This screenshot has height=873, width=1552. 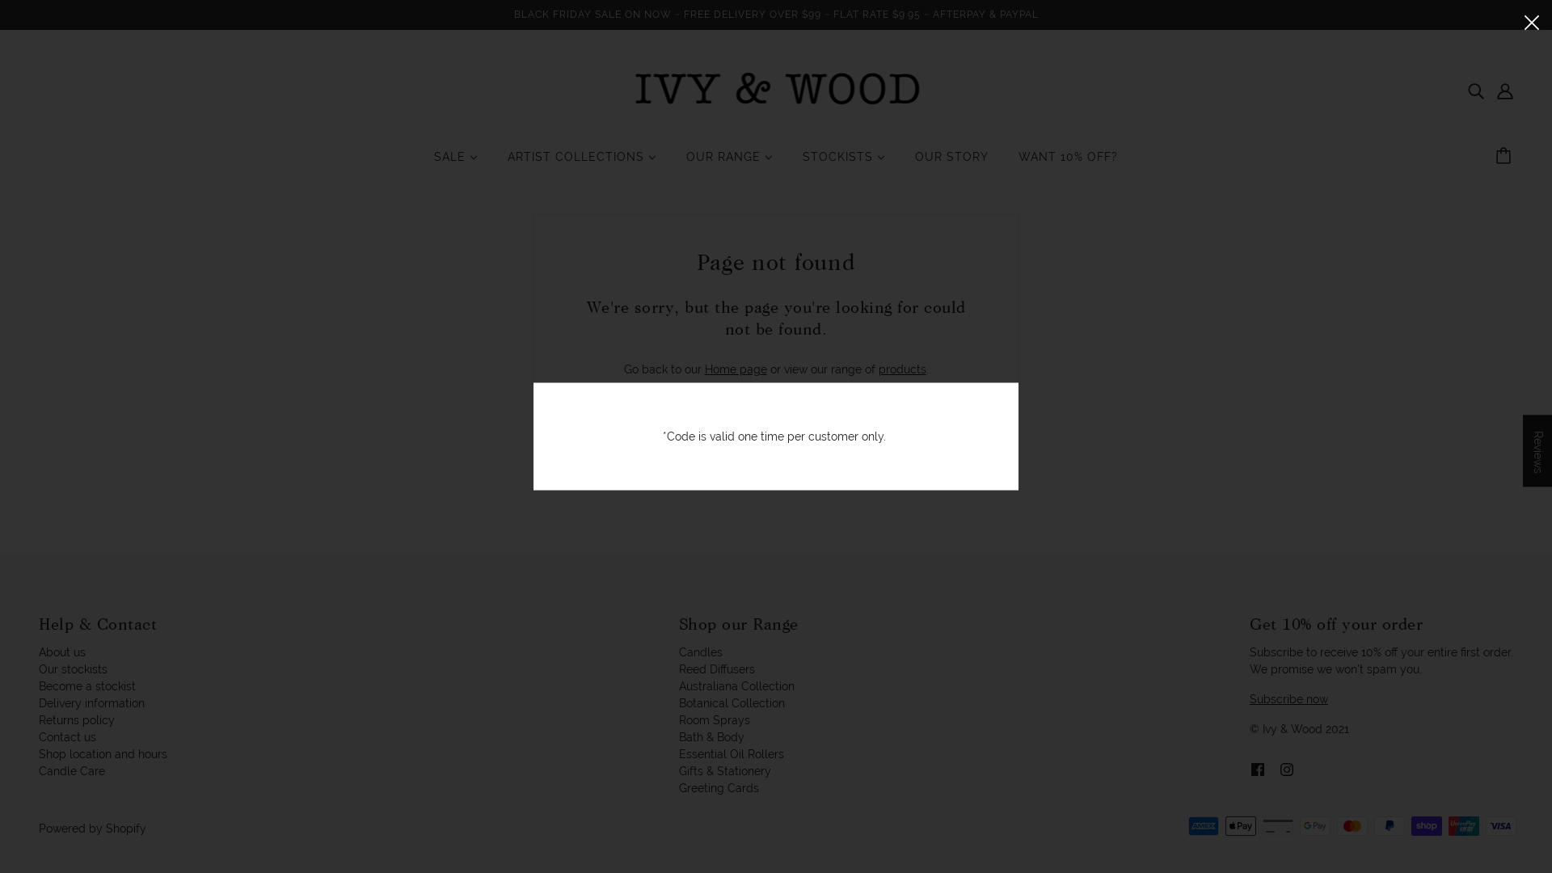 What do you see at coordinates (76, 719) in the screenshot?
I see `'Returns policy'` at bounding box center [76, 719].